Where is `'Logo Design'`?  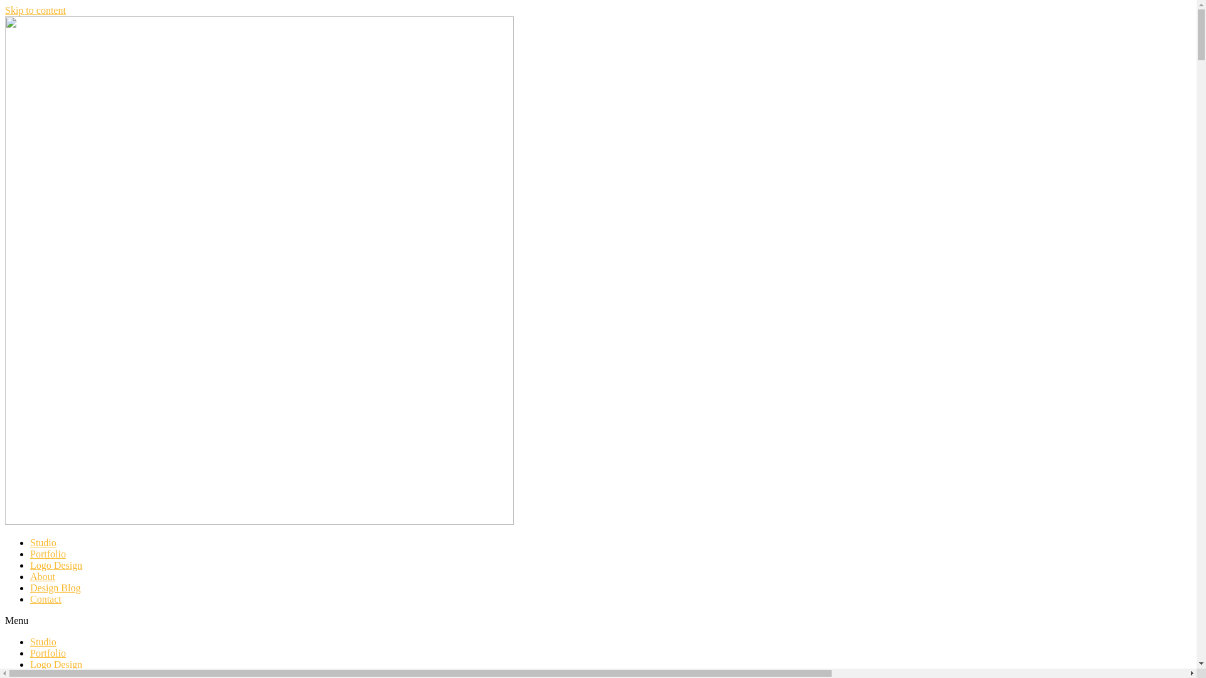
'Logo Design' is located at coordinates (30, 664).